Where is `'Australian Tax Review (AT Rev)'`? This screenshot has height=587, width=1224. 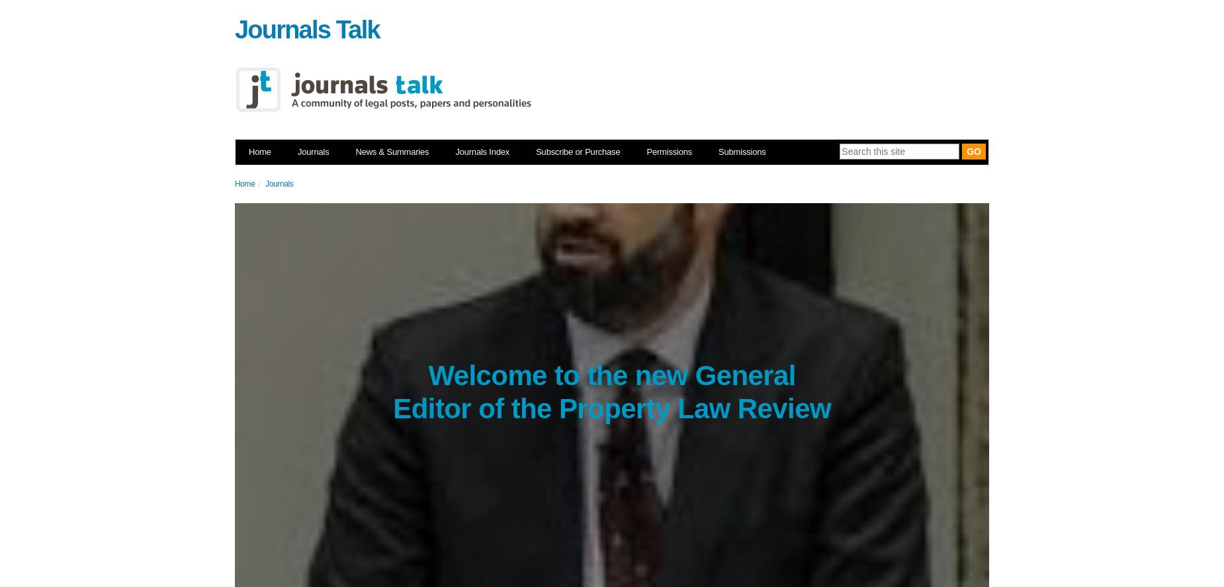
'Australian Tax Review (AT Rev)' is located at coordinates (545, 357).